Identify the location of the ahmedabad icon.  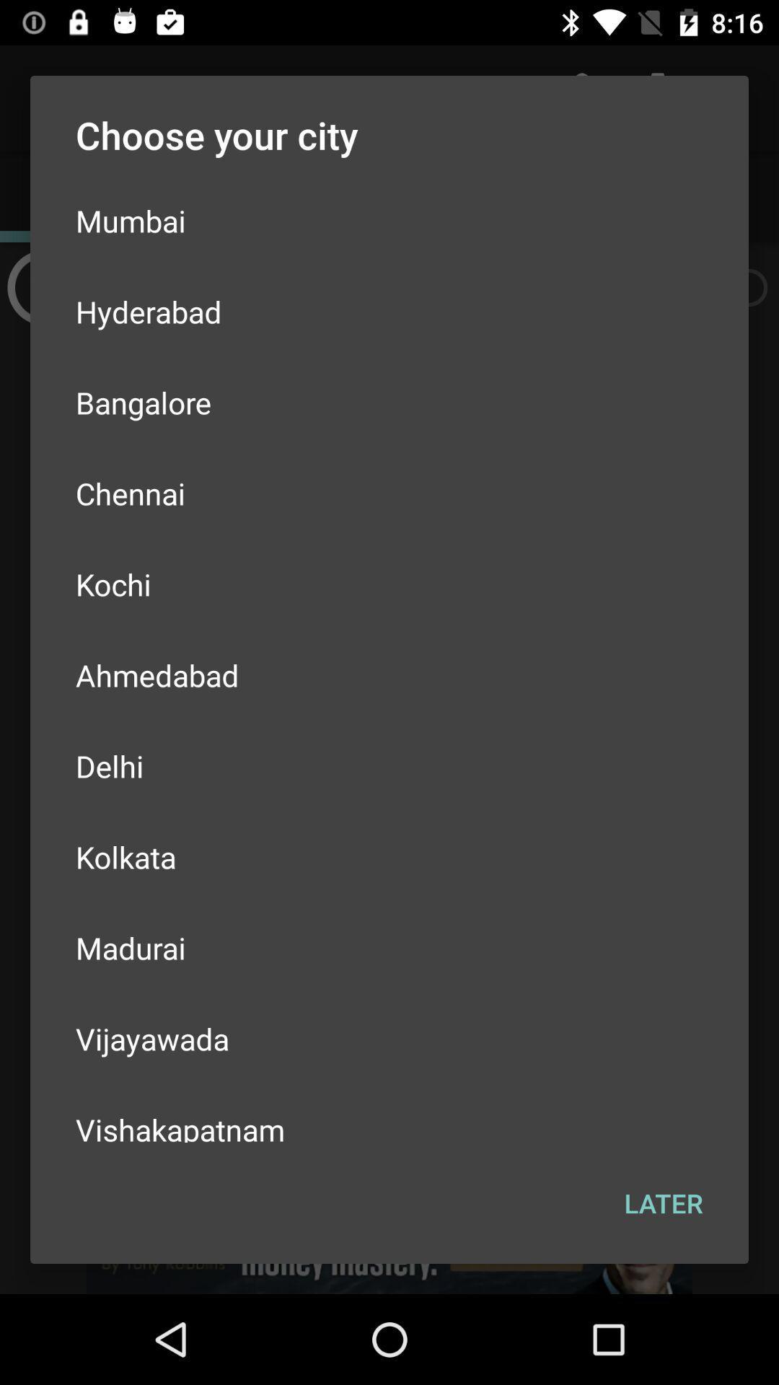
(389, 674).